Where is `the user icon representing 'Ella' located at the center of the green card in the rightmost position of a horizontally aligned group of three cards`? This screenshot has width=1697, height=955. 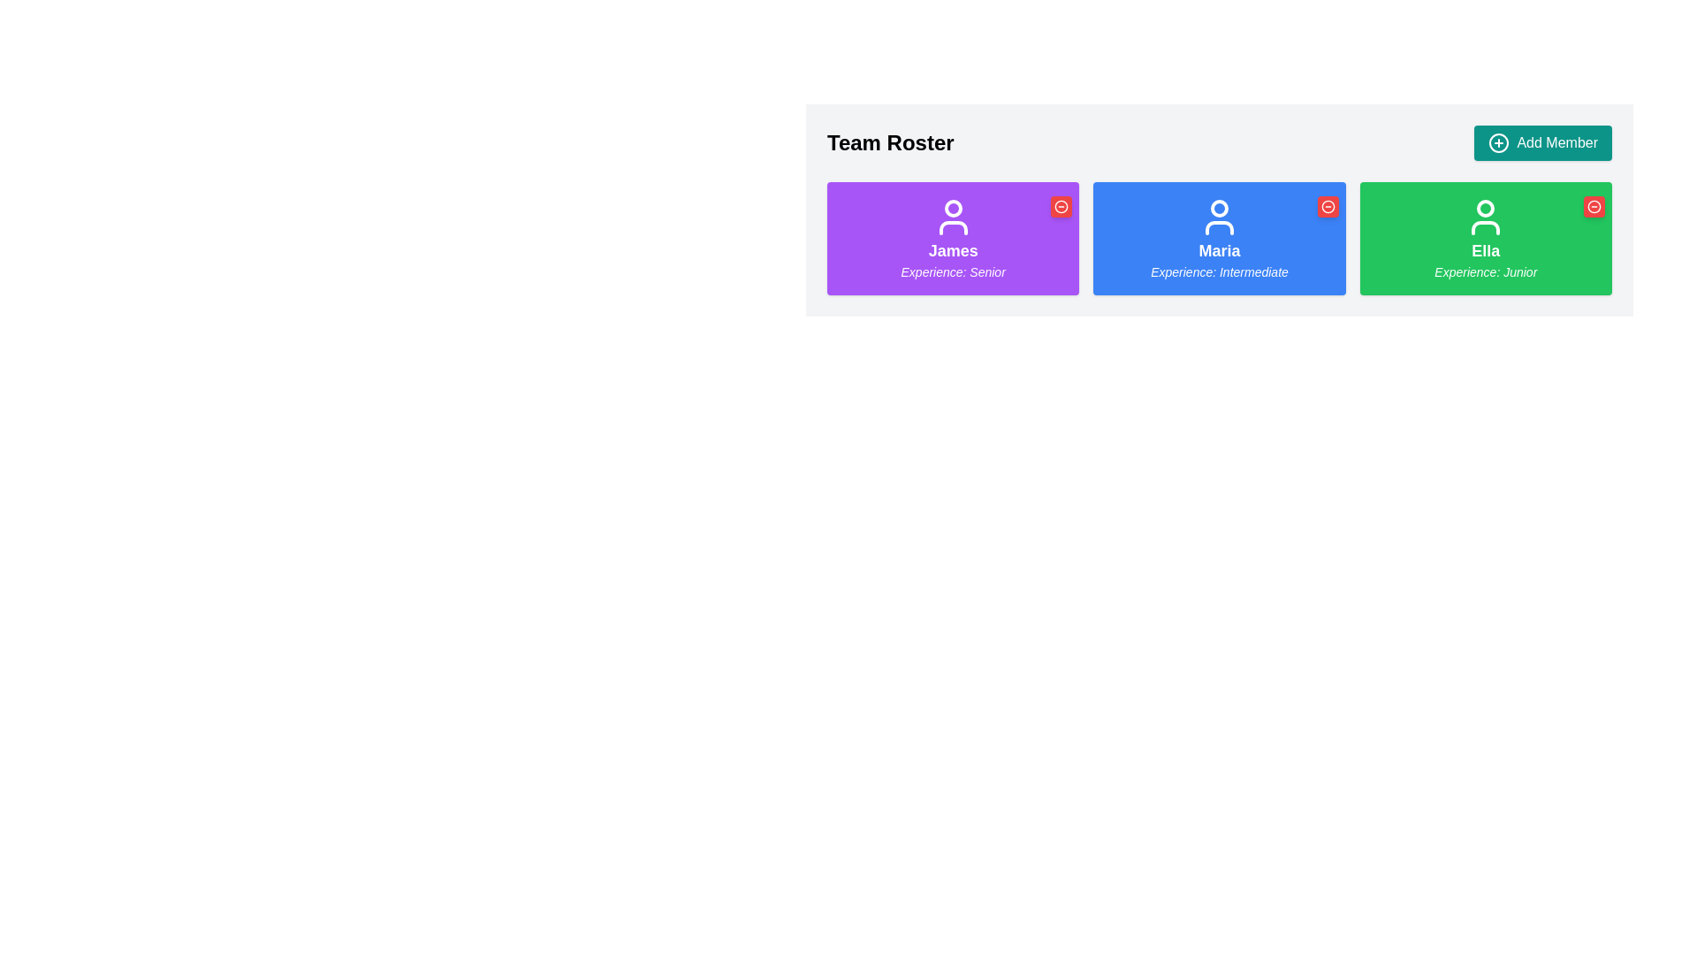
the user icon representing 'Ella' located at the center of the green card in the rightmost position of a horizontally aligned group of three cards is located at coordinates (1485, 217).